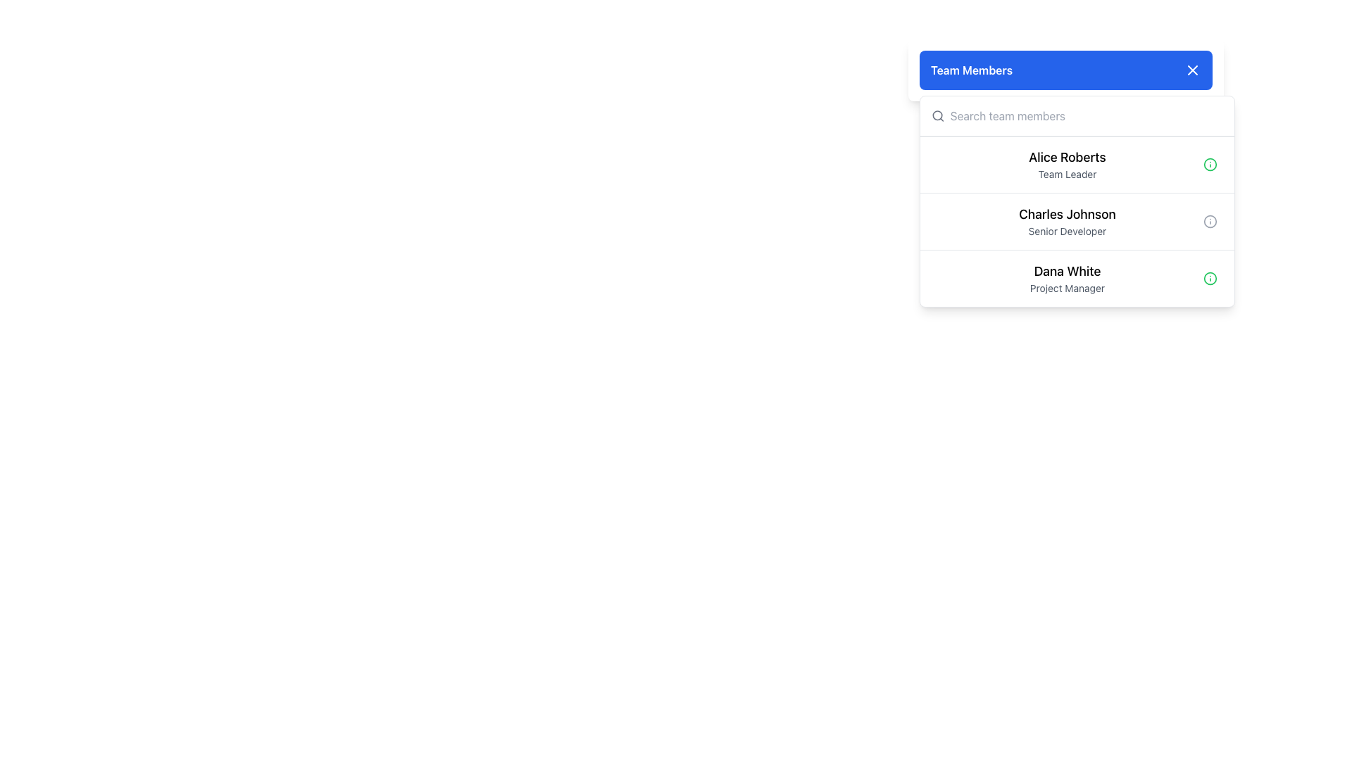  Describe the element at coordinates (1209, 222) in the screenshot. I see `the circular icon element located next to the name 'Charles Johnson' in the team members list within a modal interface` at that location.